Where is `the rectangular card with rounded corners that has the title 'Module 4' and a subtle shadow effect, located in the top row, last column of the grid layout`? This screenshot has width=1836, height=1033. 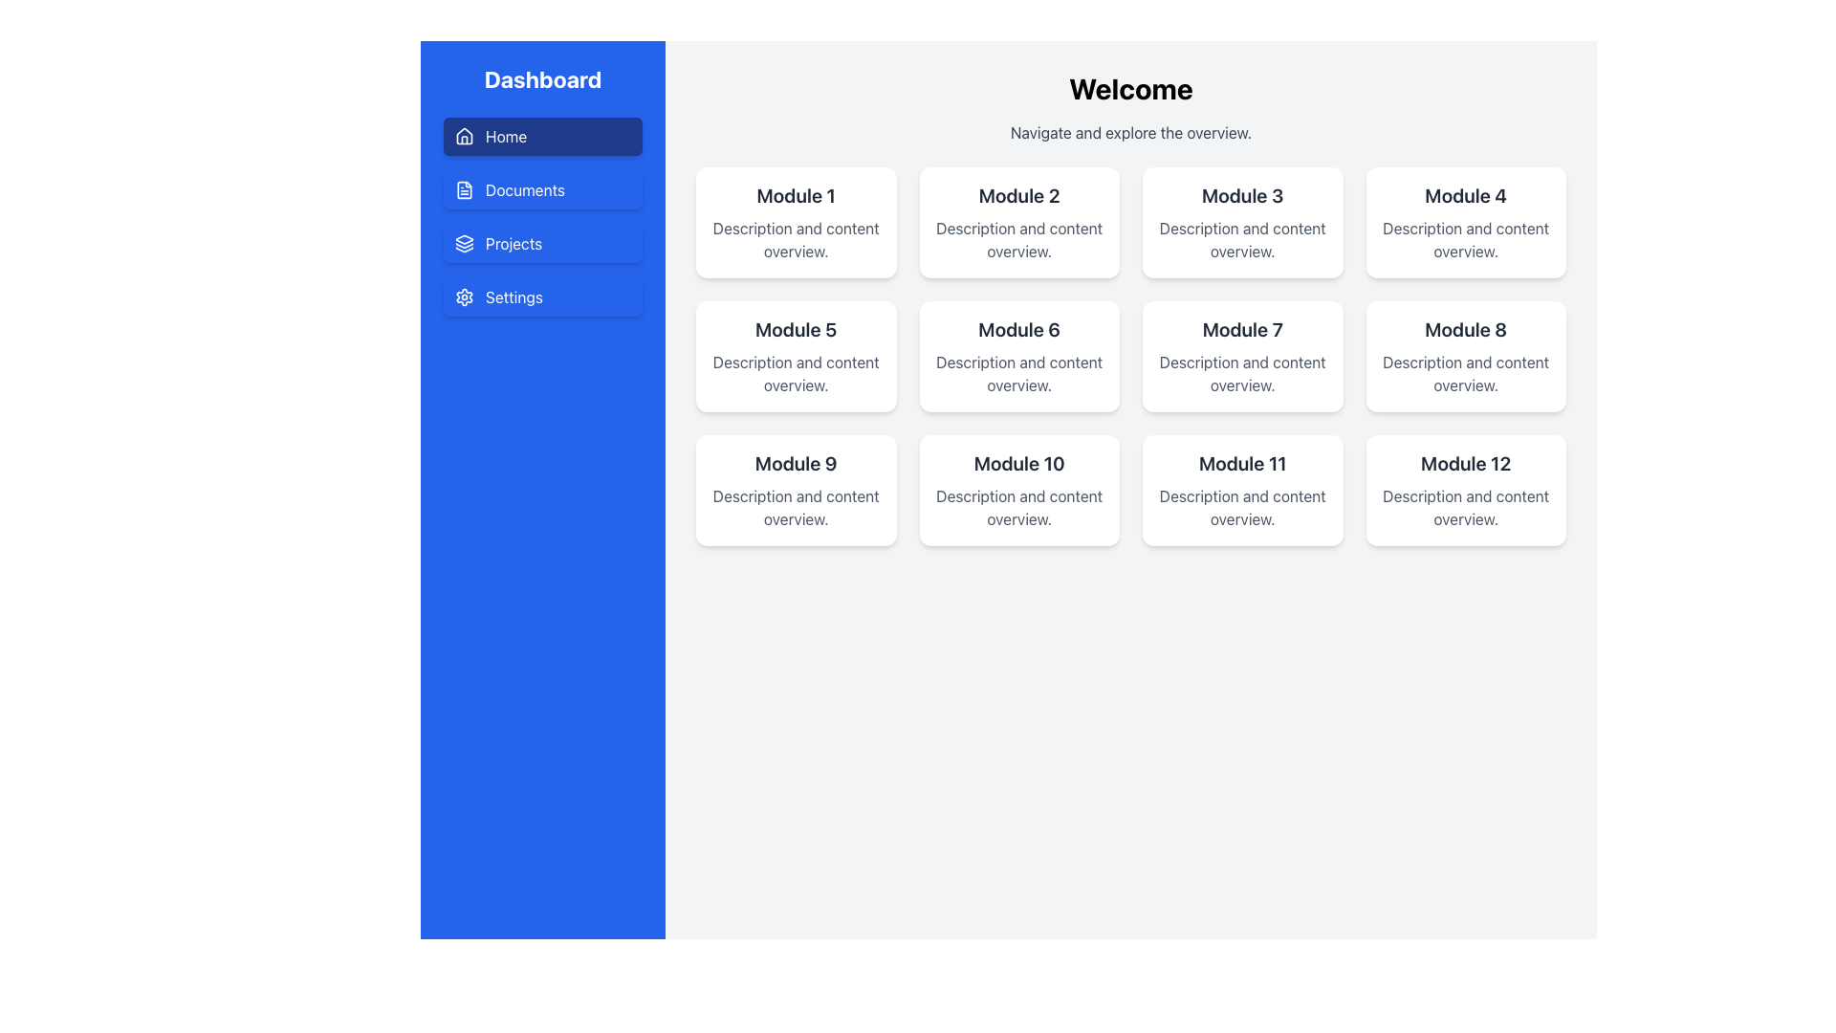
the rectangular card with rounded corners that has the title 'Module 4' and a subtle shadow effect, located in the top row, last column of the grid layout is located at coordinates (1465, 221).